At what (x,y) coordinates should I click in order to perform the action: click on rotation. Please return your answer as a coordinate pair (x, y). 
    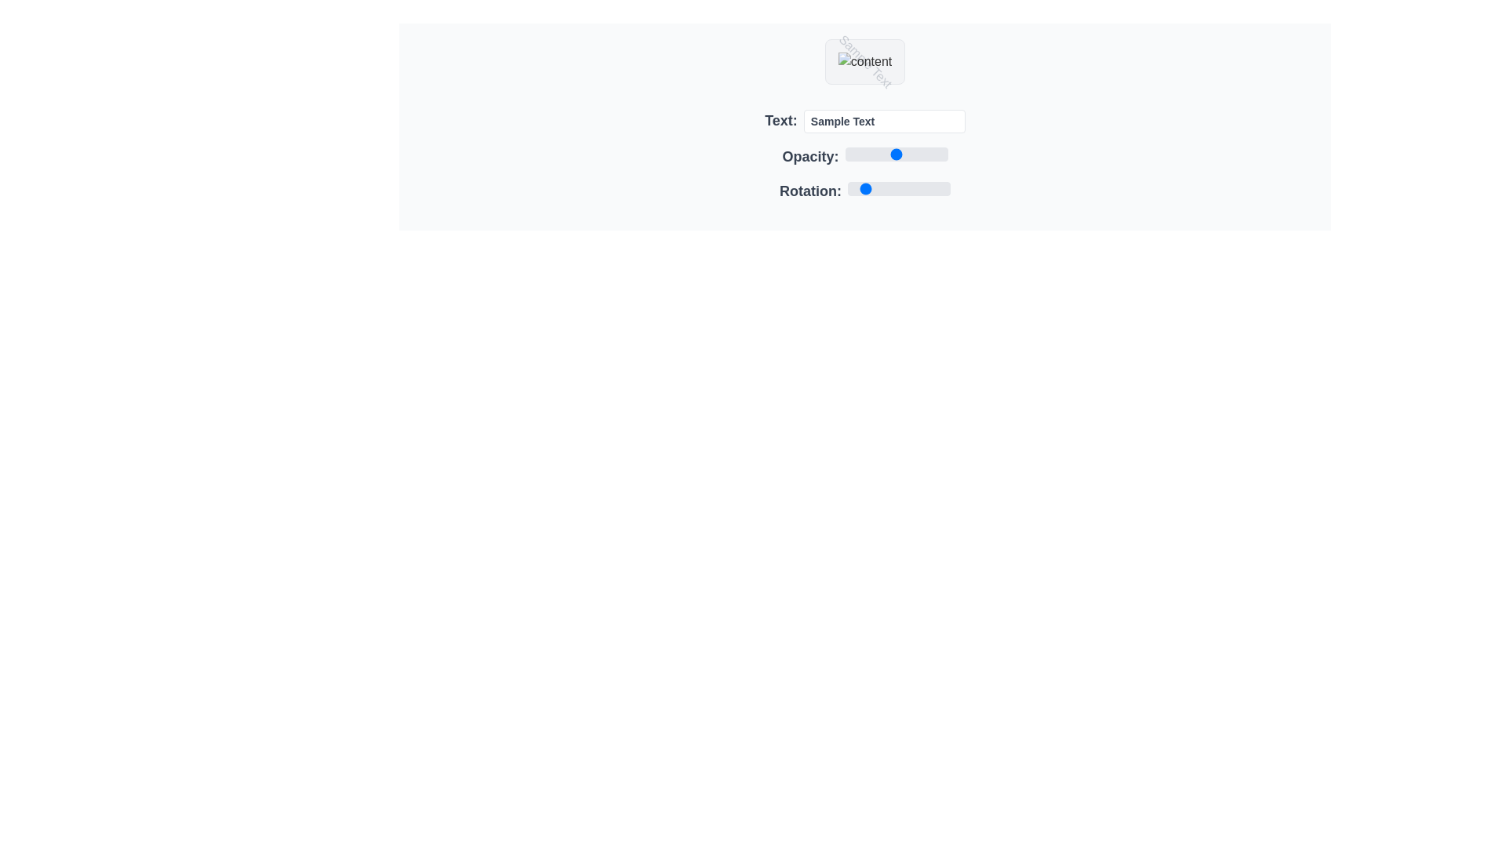
    Looking at the image, I should click on (870, 187).